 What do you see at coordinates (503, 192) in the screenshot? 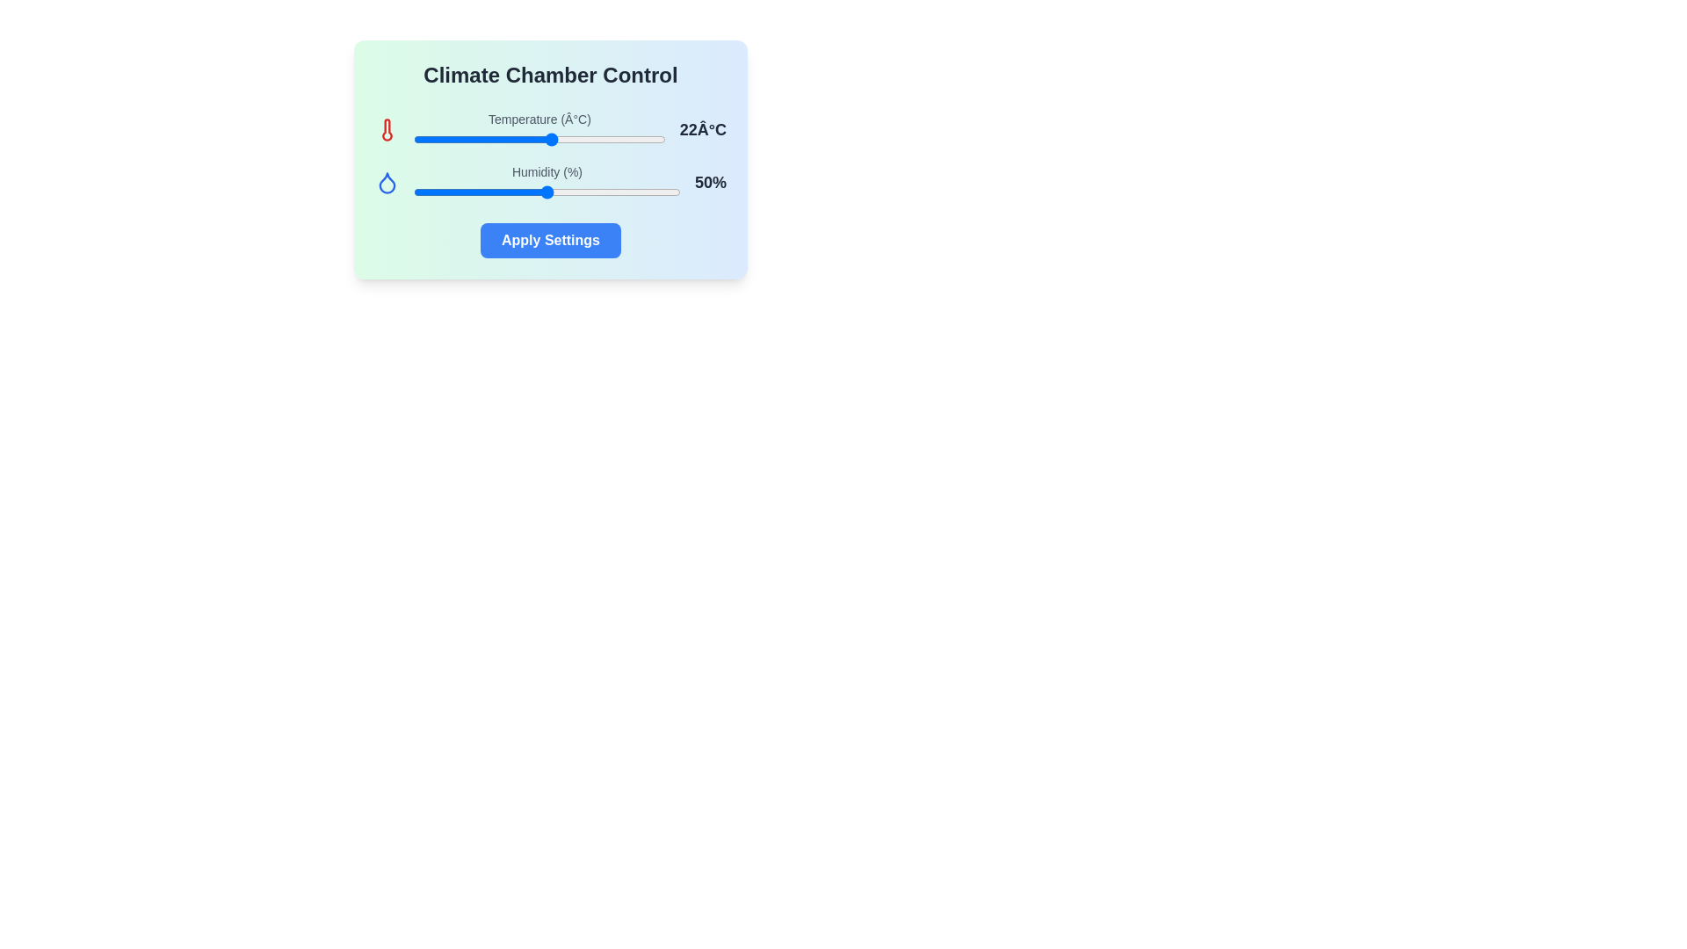
I see `the humidity slider to 34%` at bounding box center [503, 192].